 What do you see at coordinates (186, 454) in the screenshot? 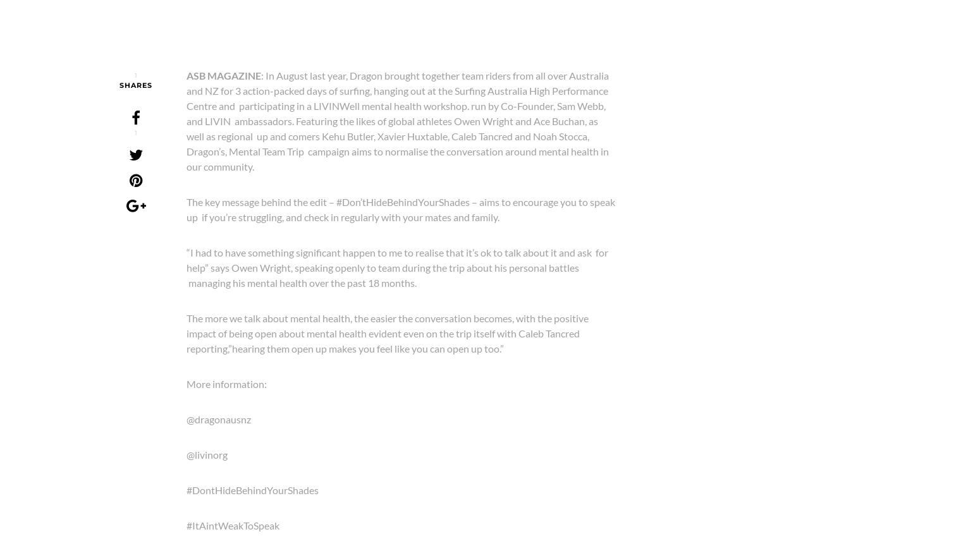
I see `'@livinorg'` at bounding box center [186, 454].